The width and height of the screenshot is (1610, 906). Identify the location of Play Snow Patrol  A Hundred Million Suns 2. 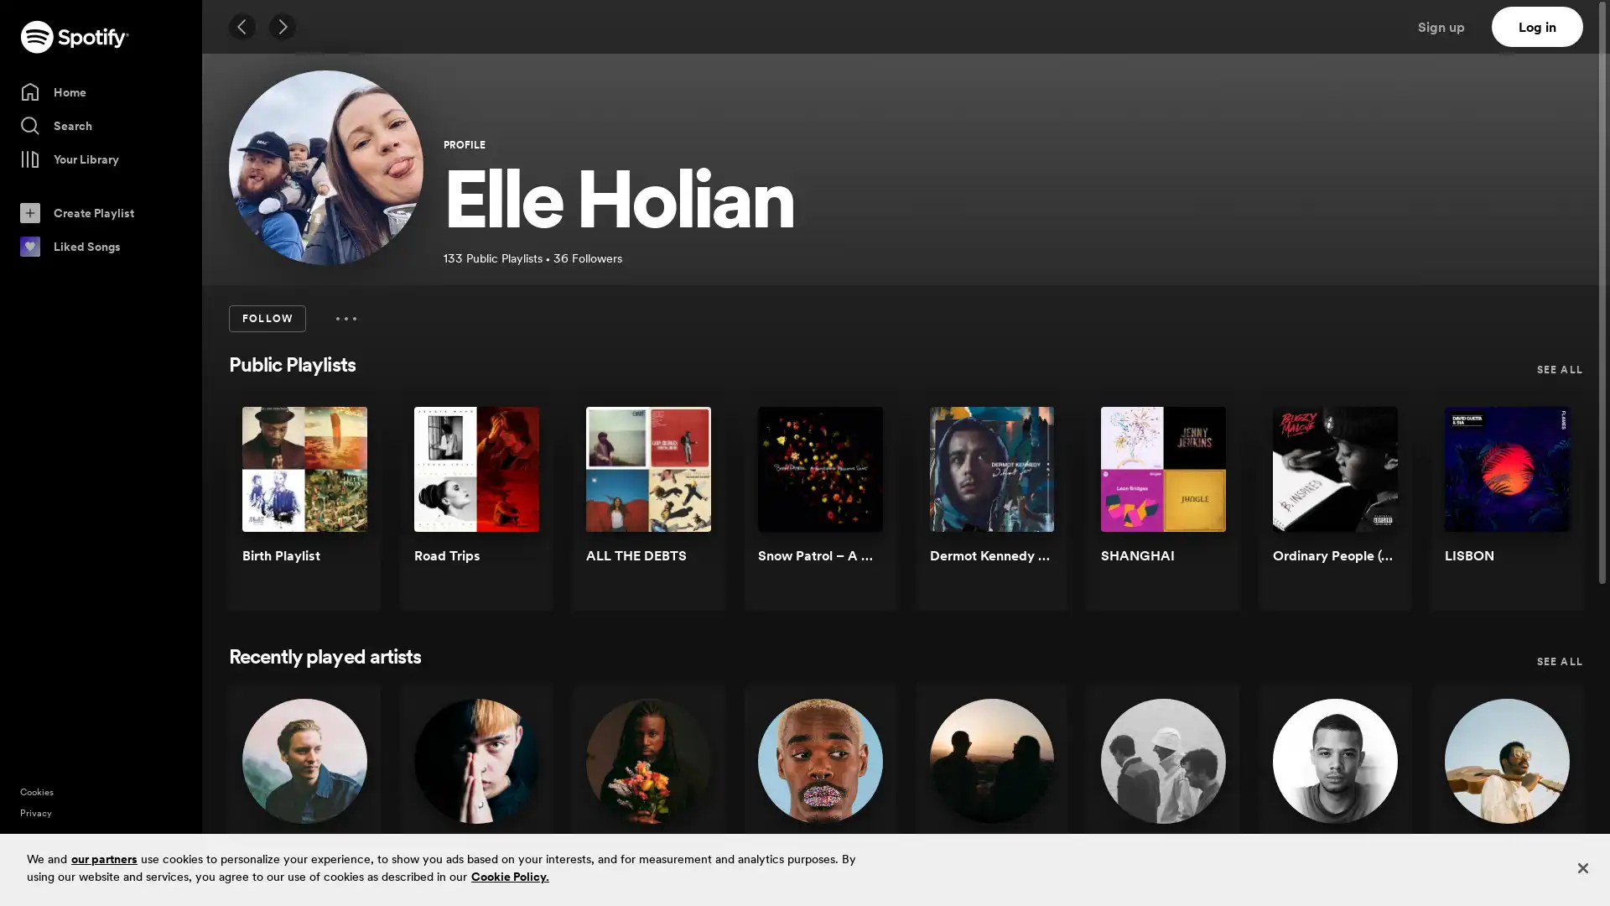
(854, 510).